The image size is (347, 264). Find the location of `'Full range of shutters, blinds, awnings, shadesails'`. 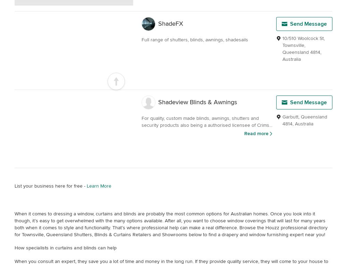

'Full range of shutters, blinds, awnings, shadesails' is located at coordinates (195, 40).